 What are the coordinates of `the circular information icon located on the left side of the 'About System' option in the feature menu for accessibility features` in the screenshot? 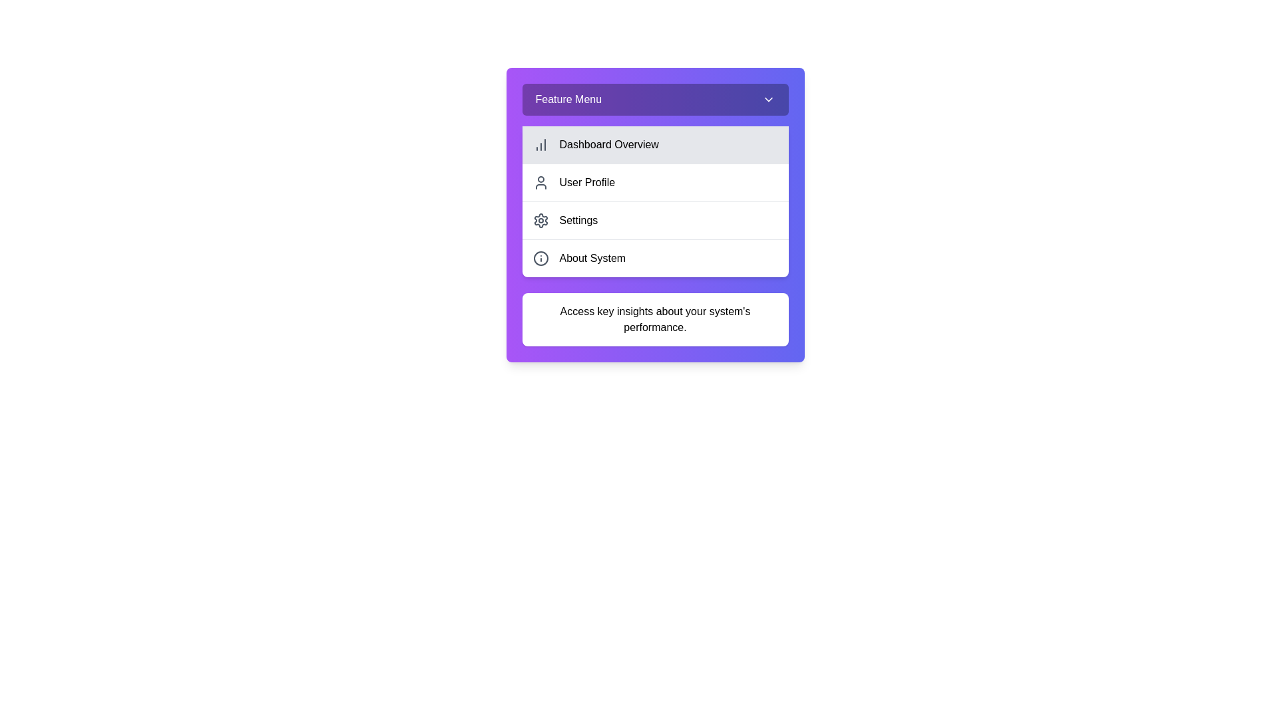 It's located at (540, 259).